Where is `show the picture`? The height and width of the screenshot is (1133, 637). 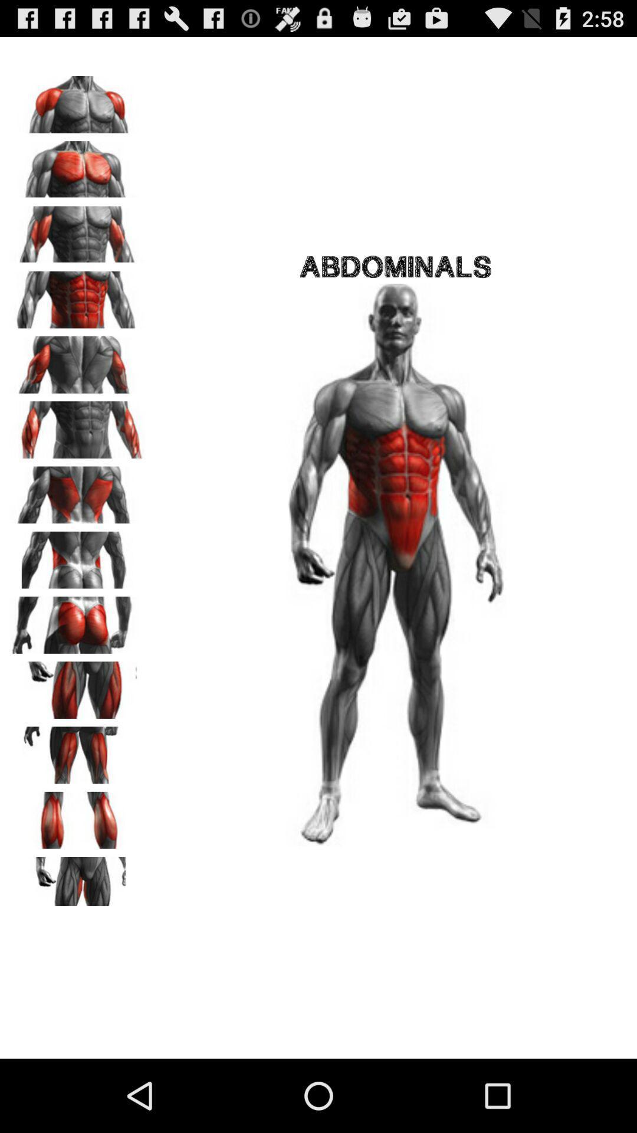
show the picture is located at coordinates (77, 425).